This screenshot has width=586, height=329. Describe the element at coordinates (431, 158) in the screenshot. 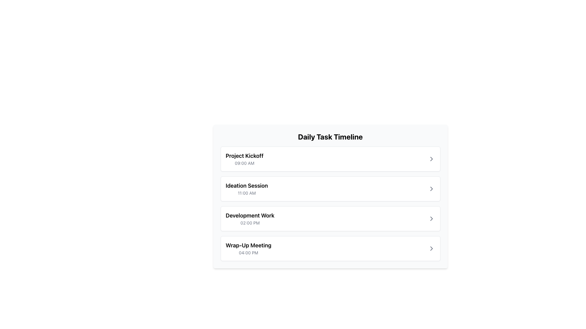

I see `the right-pointing chevron icon styled in gray located to the far-right side of the 'Project Kickoff' section` at that location.